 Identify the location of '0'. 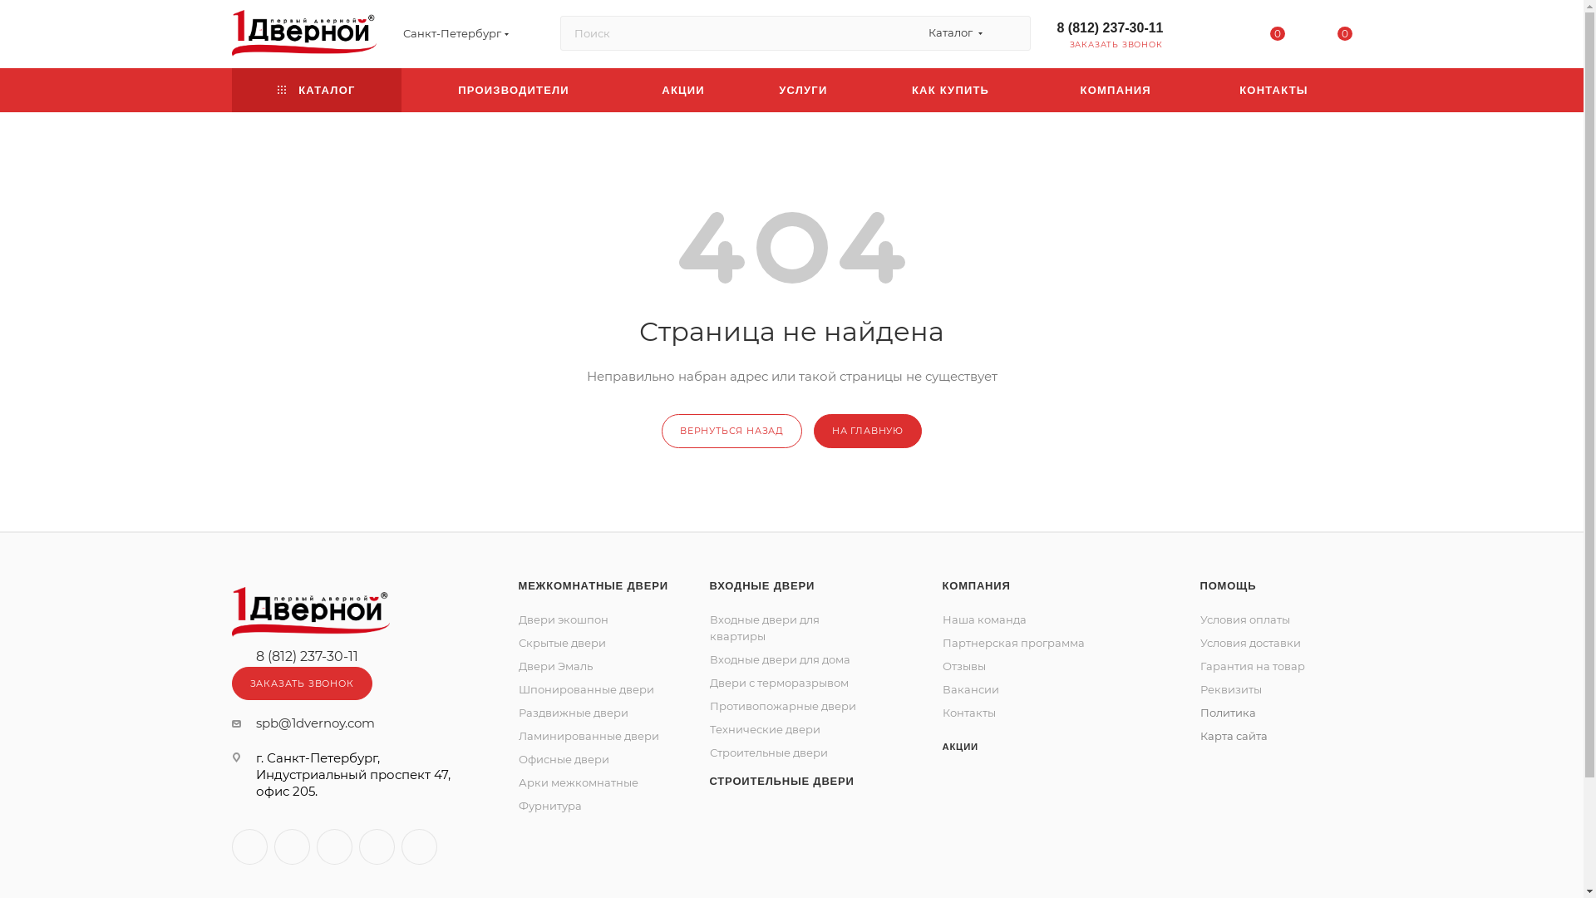
(1267, 35).